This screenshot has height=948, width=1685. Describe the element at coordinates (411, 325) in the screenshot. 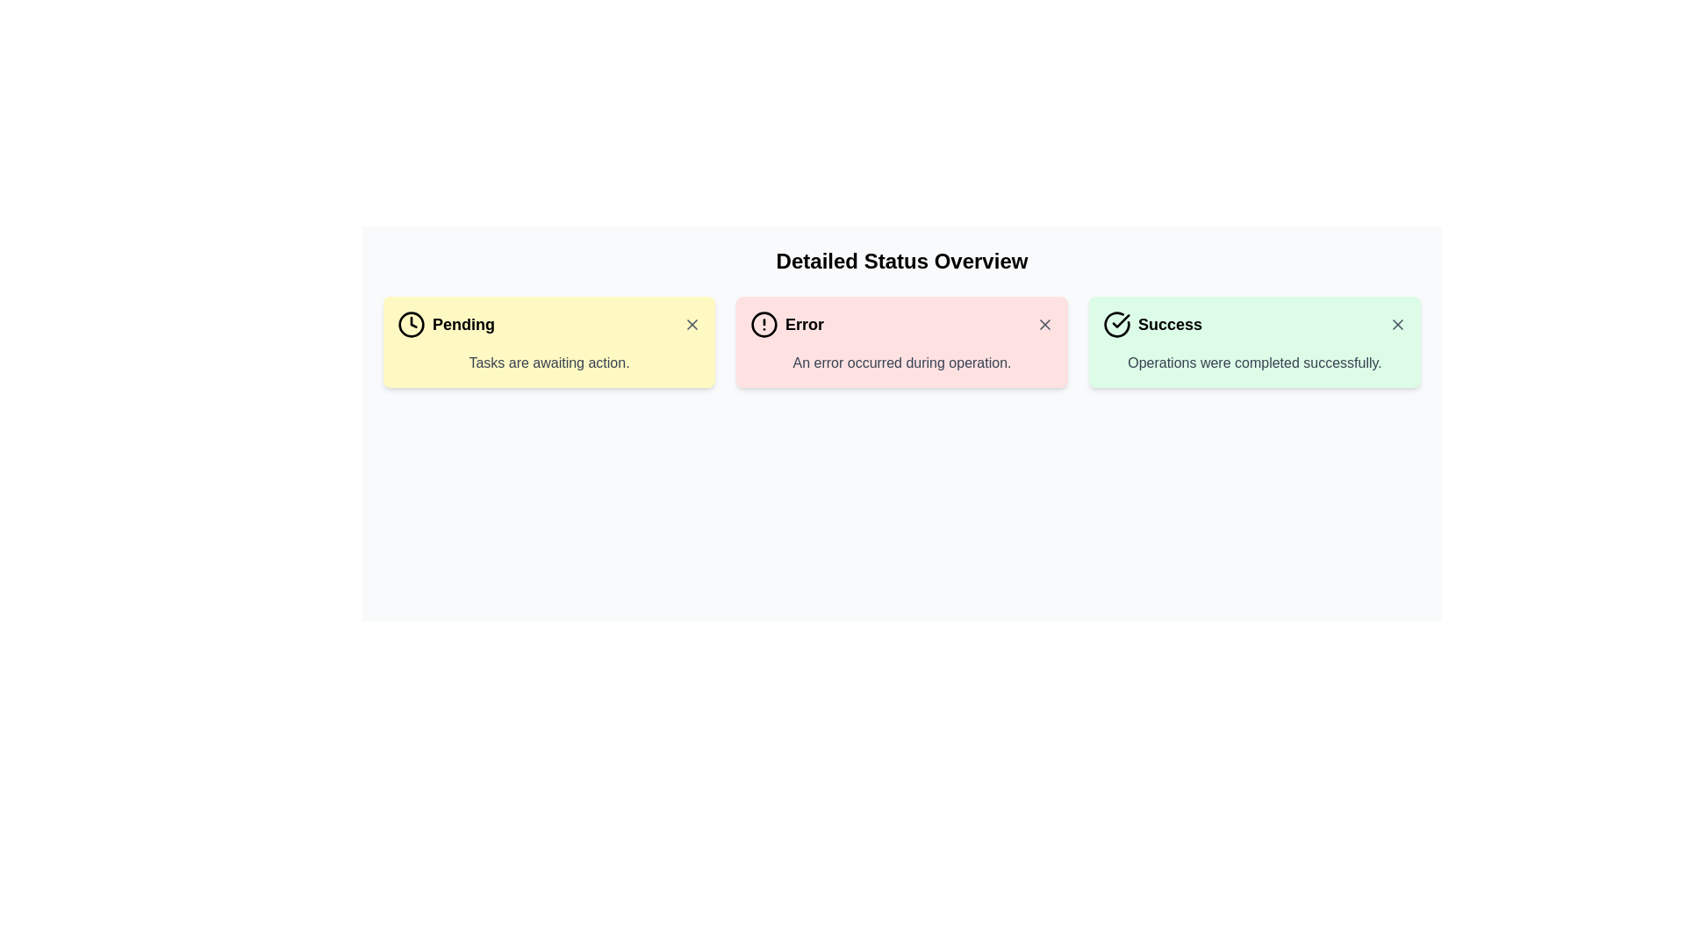

I see `the clock icon located within the first status card labeled 'Pending', which is vertically centered and to the left of the text 'Pending'` at that location.